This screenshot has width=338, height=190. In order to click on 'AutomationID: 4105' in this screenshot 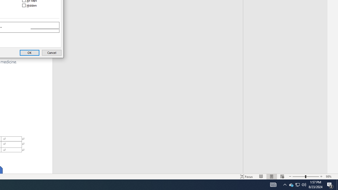, I will do `click(285, 184)`.